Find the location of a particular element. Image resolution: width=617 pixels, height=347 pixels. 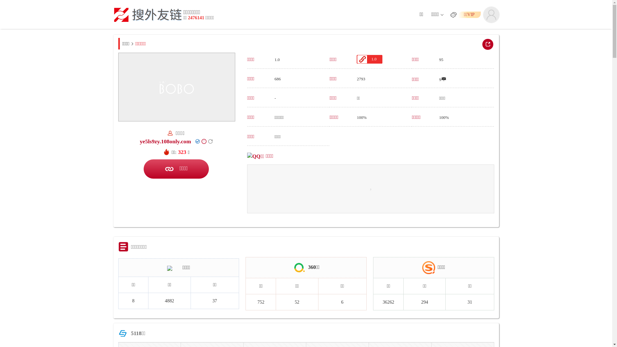

'ye5ls9zy.108only.com' is located at coordinates (139, 141).